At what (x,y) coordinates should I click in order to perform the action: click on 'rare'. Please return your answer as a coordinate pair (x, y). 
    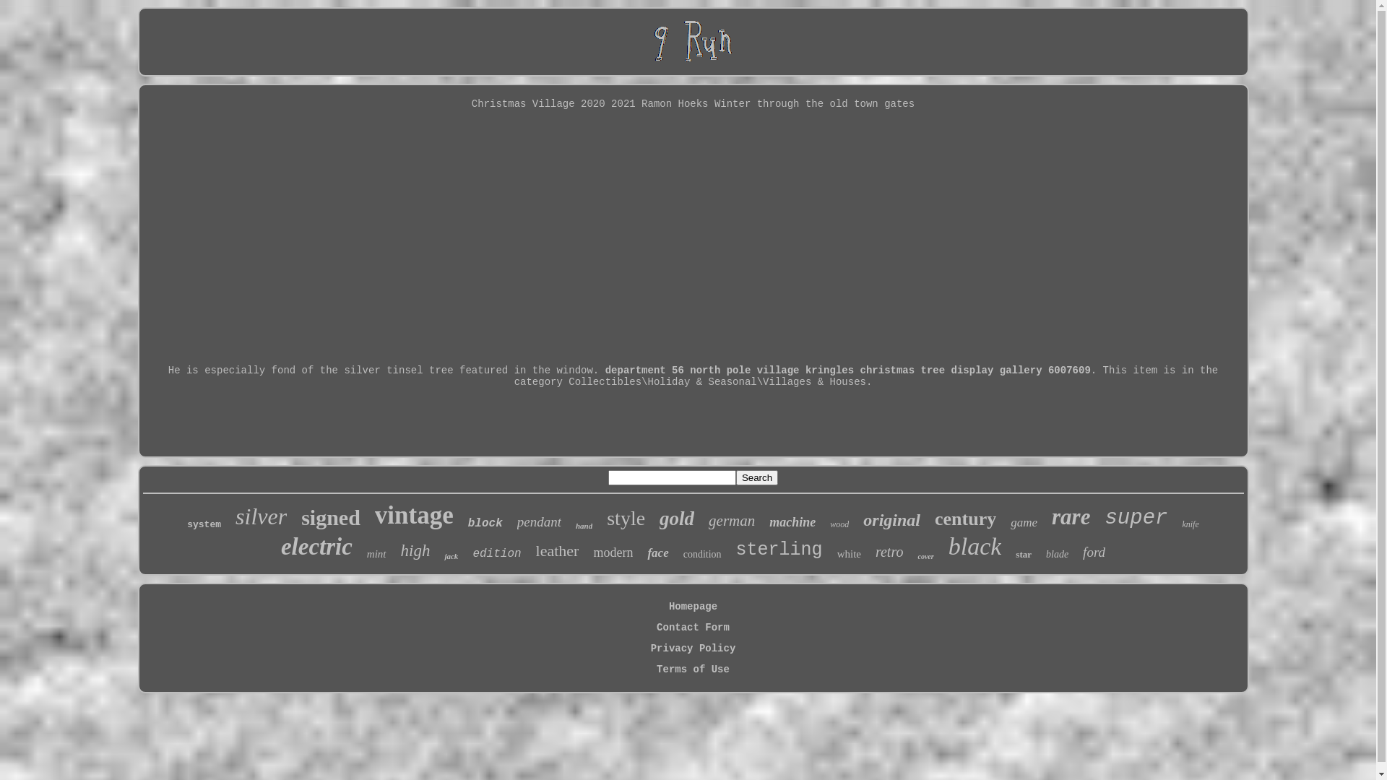
    Looking at the image, I should click on (1071, 516).